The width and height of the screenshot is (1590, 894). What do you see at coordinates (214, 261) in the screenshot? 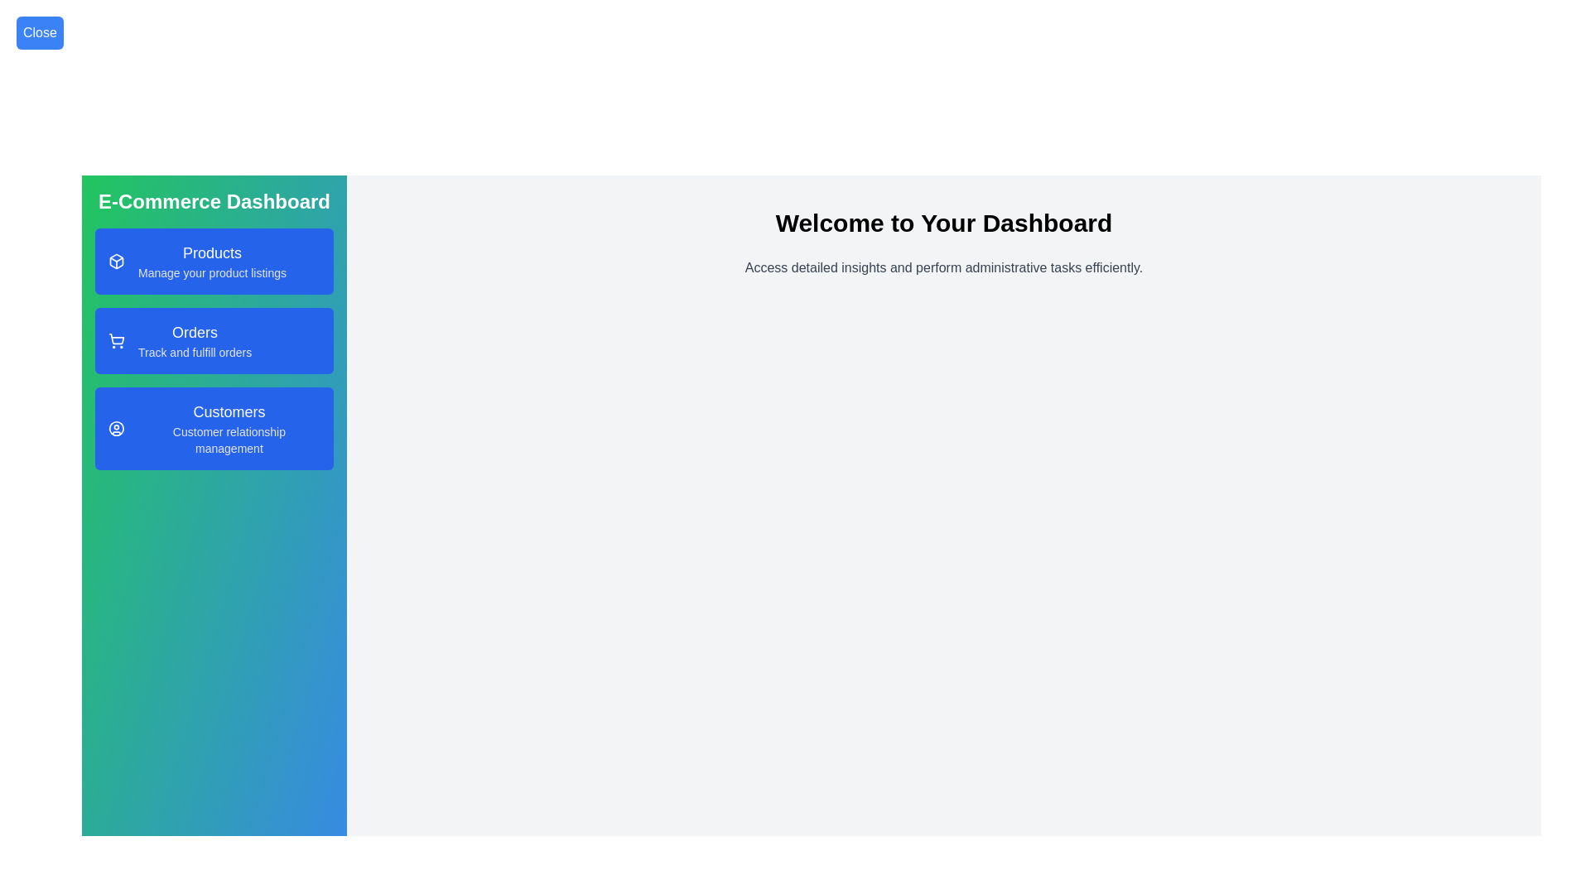
I see `the Products section from the sidebar` at bounding box center [214, 261].